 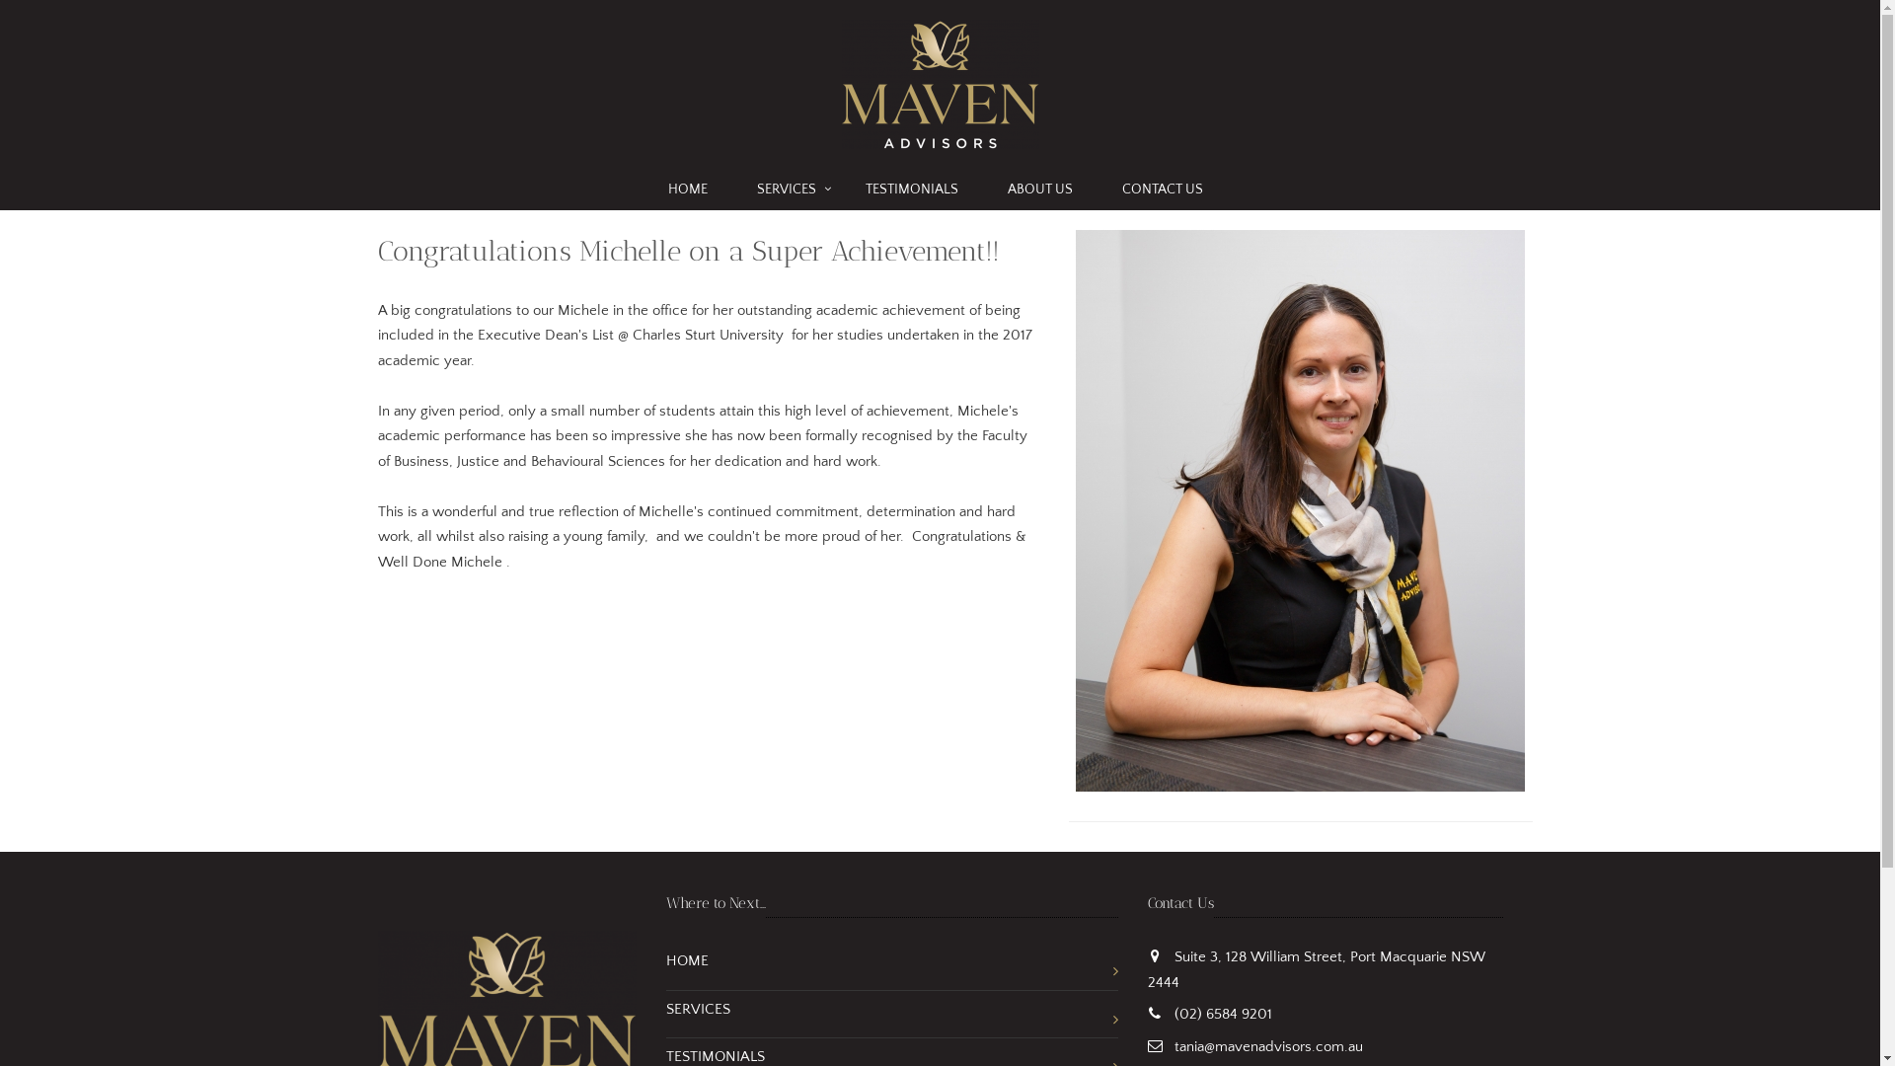 What do you see at coordinates (647, 190) in the screenshot?
I see `'HOME'` at bounding box center [647, 190].